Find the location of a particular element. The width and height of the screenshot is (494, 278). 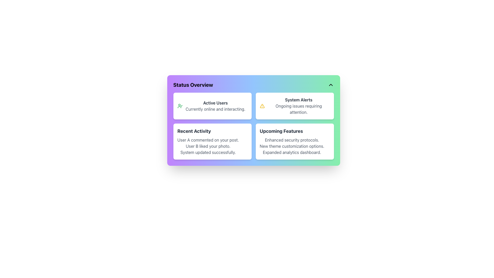

the textual content presenting recent activities located in the 'Recent Activity' section, which is the second element below the title is located at coordinates (208, 146).